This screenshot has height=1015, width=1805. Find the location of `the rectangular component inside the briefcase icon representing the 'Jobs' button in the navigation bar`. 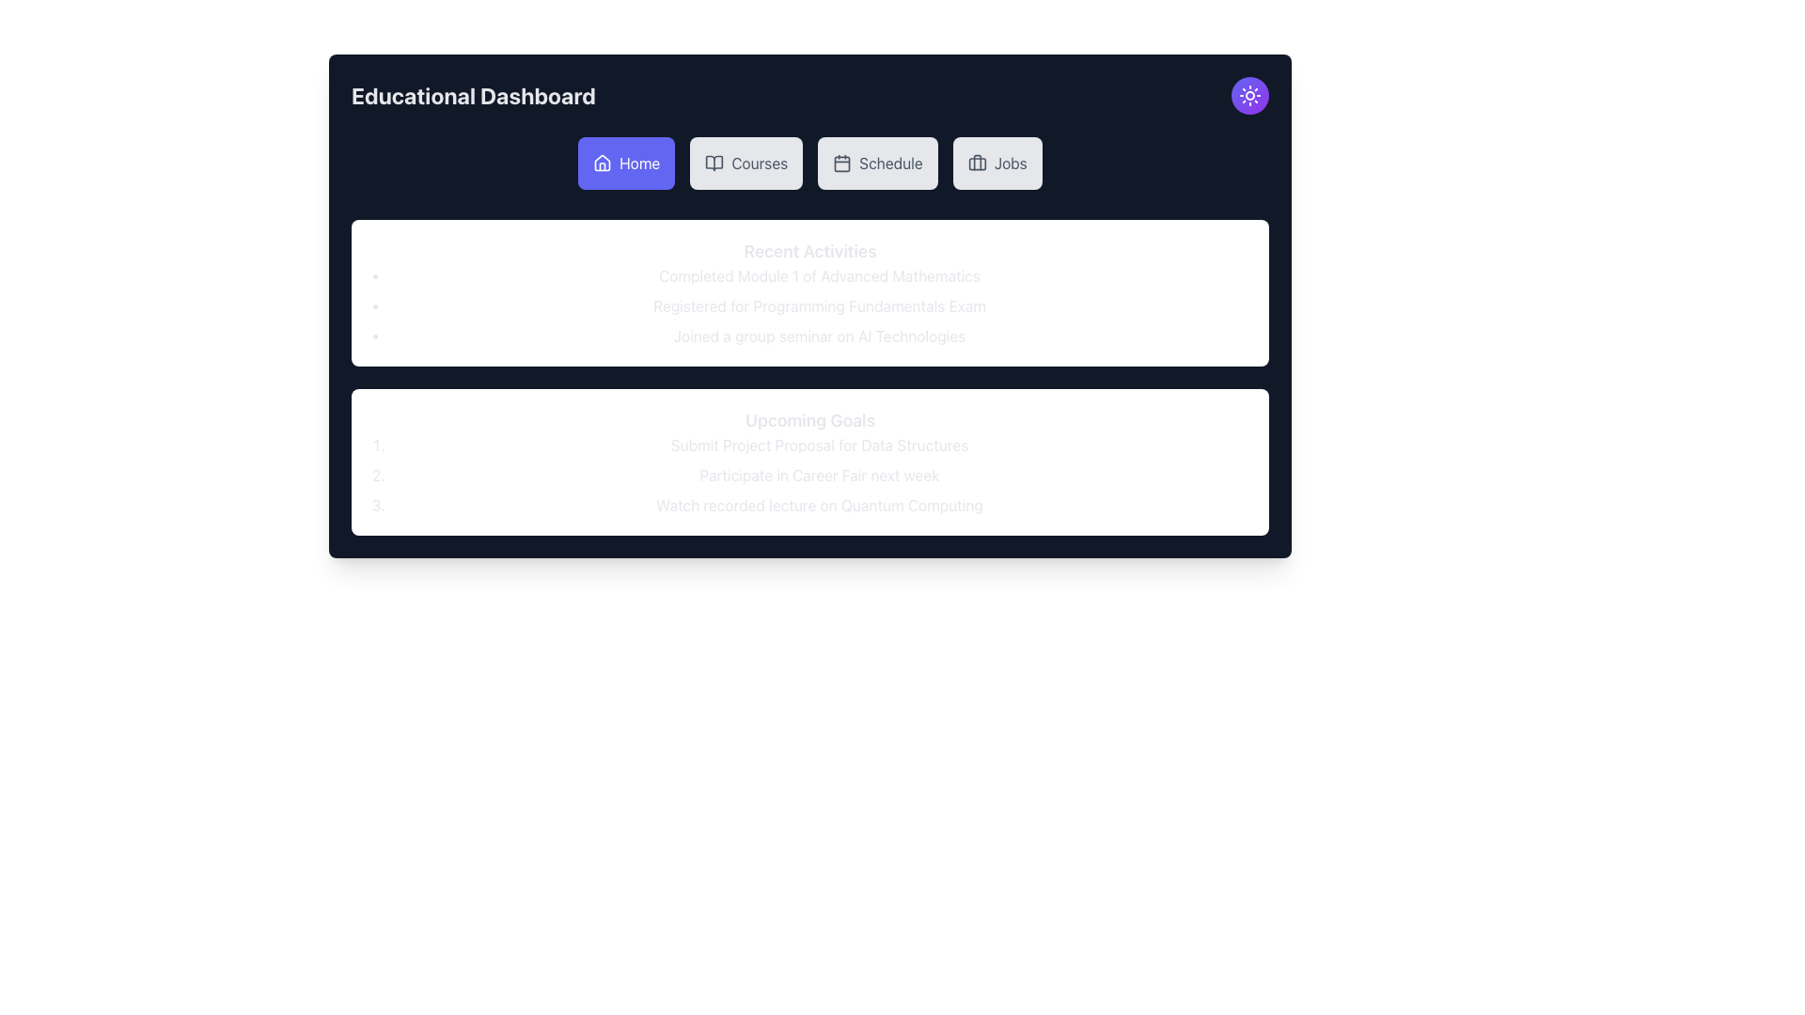

the rectangular component inside the briefcase icon representing the 'Jobs' button in the navigation bar is located at coordinates (977, 163).